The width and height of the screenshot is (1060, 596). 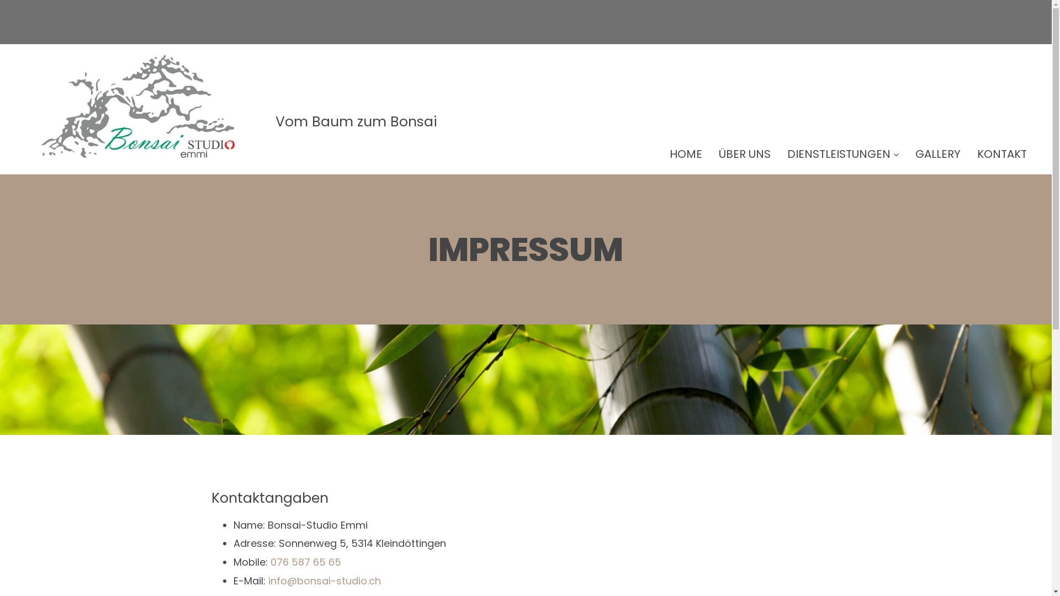 What do you see at coordinates (324, 580) in the screenshot?
I see `'info@bonsai-studio.ch'` at bounding box center [324, 580].